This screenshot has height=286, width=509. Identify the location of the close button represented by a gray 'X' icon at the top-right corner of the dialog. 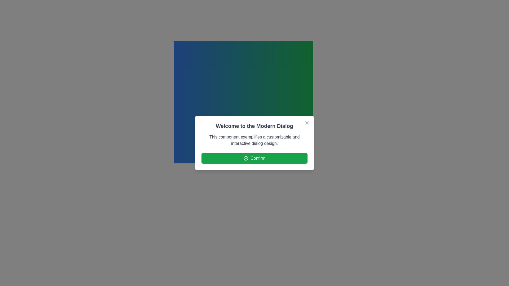
(307, 123).